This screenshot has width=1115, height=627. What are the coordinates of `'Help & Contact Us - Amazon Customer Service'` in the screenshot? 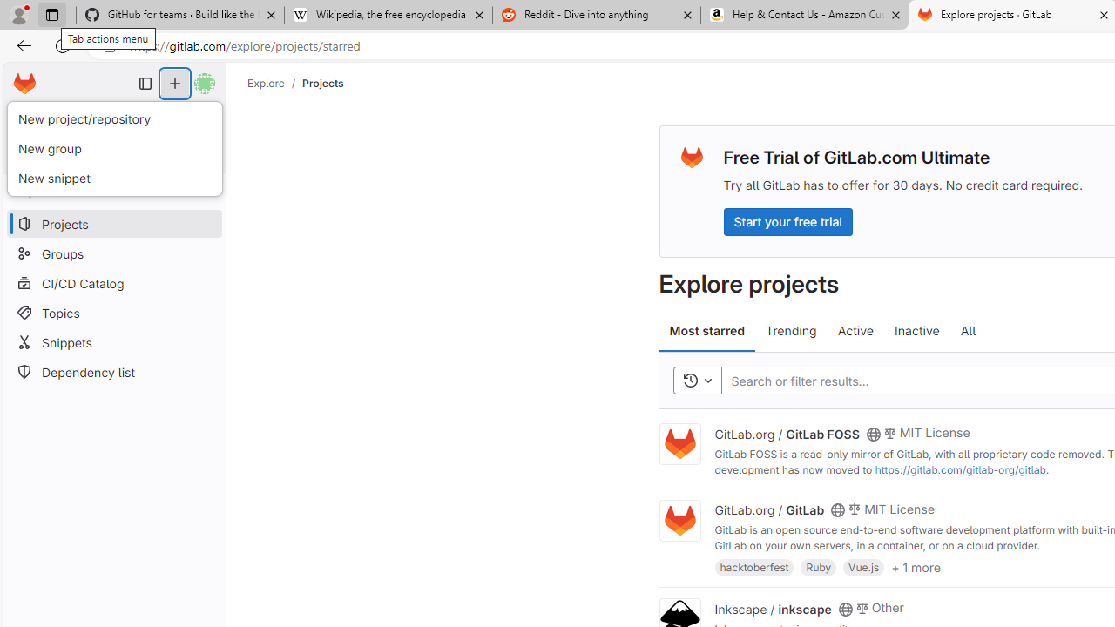 It's located at (804, 15).